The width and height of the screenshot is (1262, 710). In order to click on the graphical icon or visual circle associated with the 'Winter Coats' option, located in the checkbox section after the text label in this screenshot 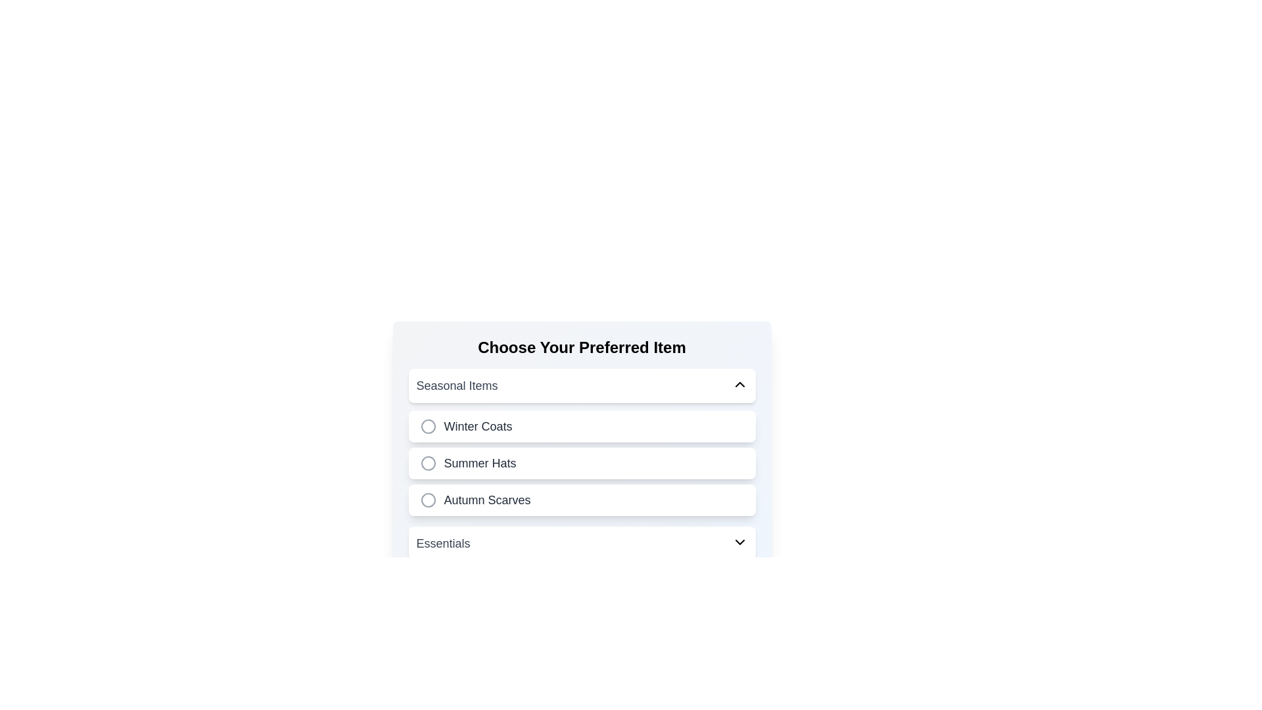, I will do `click(428, 426)`.